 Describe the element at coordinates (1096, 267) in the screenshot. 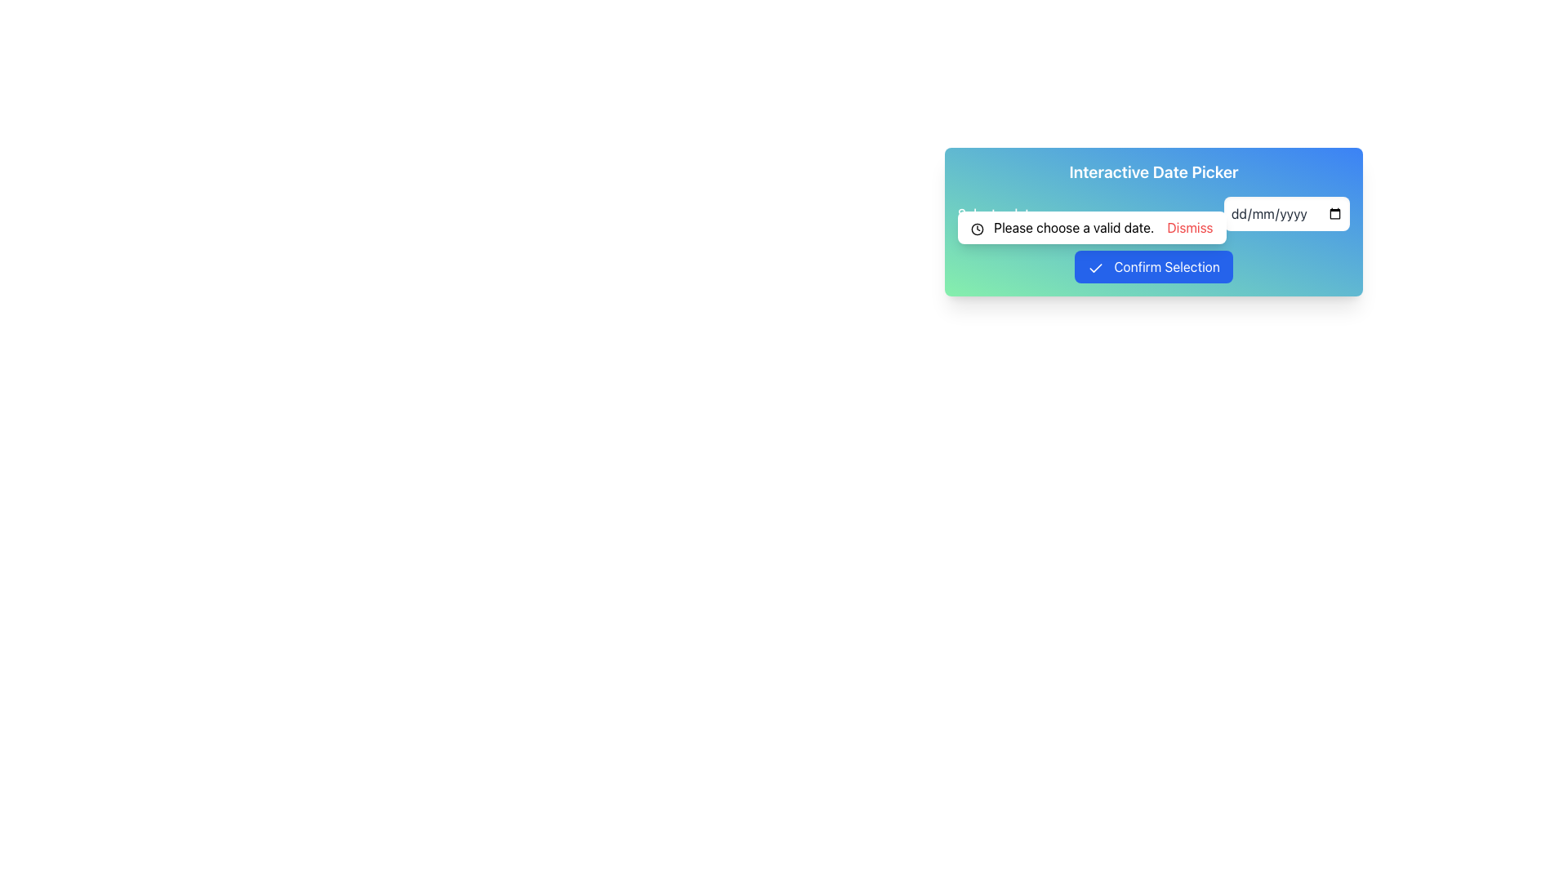

I see `the confirmation icon located to the left of the text label in the 'Confirm Selection' button` at that location.